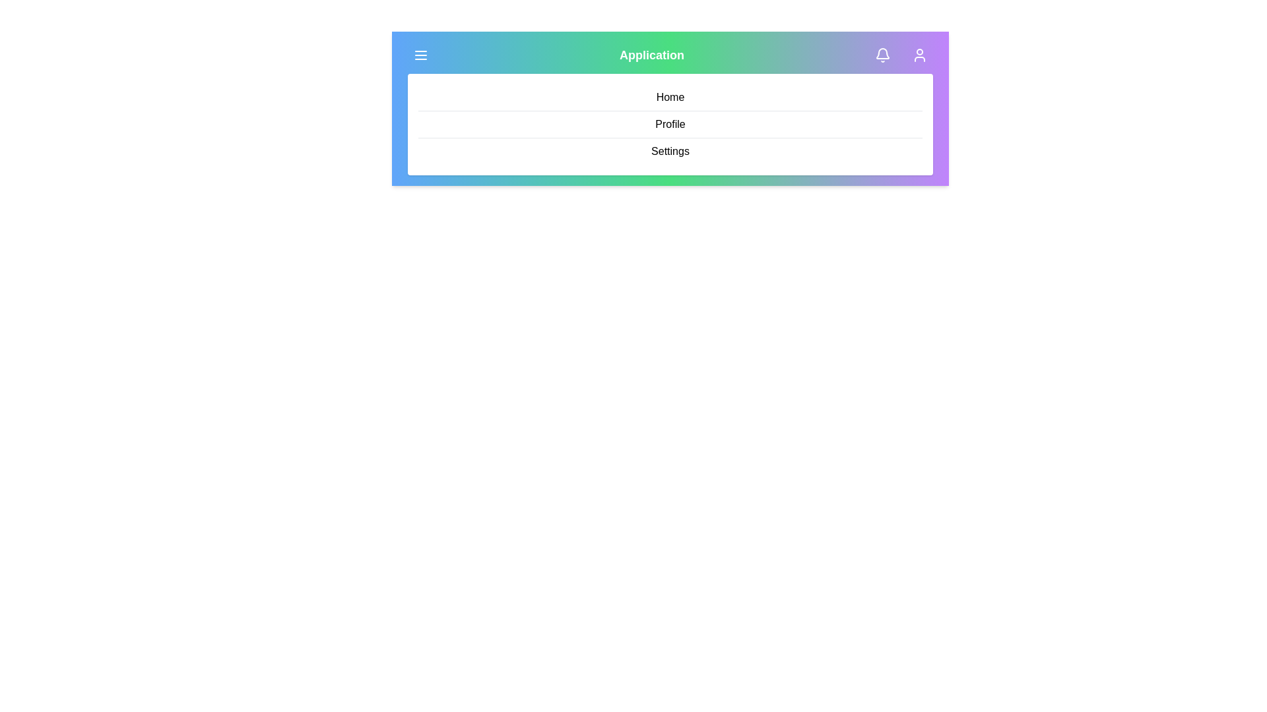 The height and width of the screenshot is (712, 1267). Describe the element at coordinates (883, 55) in the screenshot. I see `the notification icon to interact with it` at that location.